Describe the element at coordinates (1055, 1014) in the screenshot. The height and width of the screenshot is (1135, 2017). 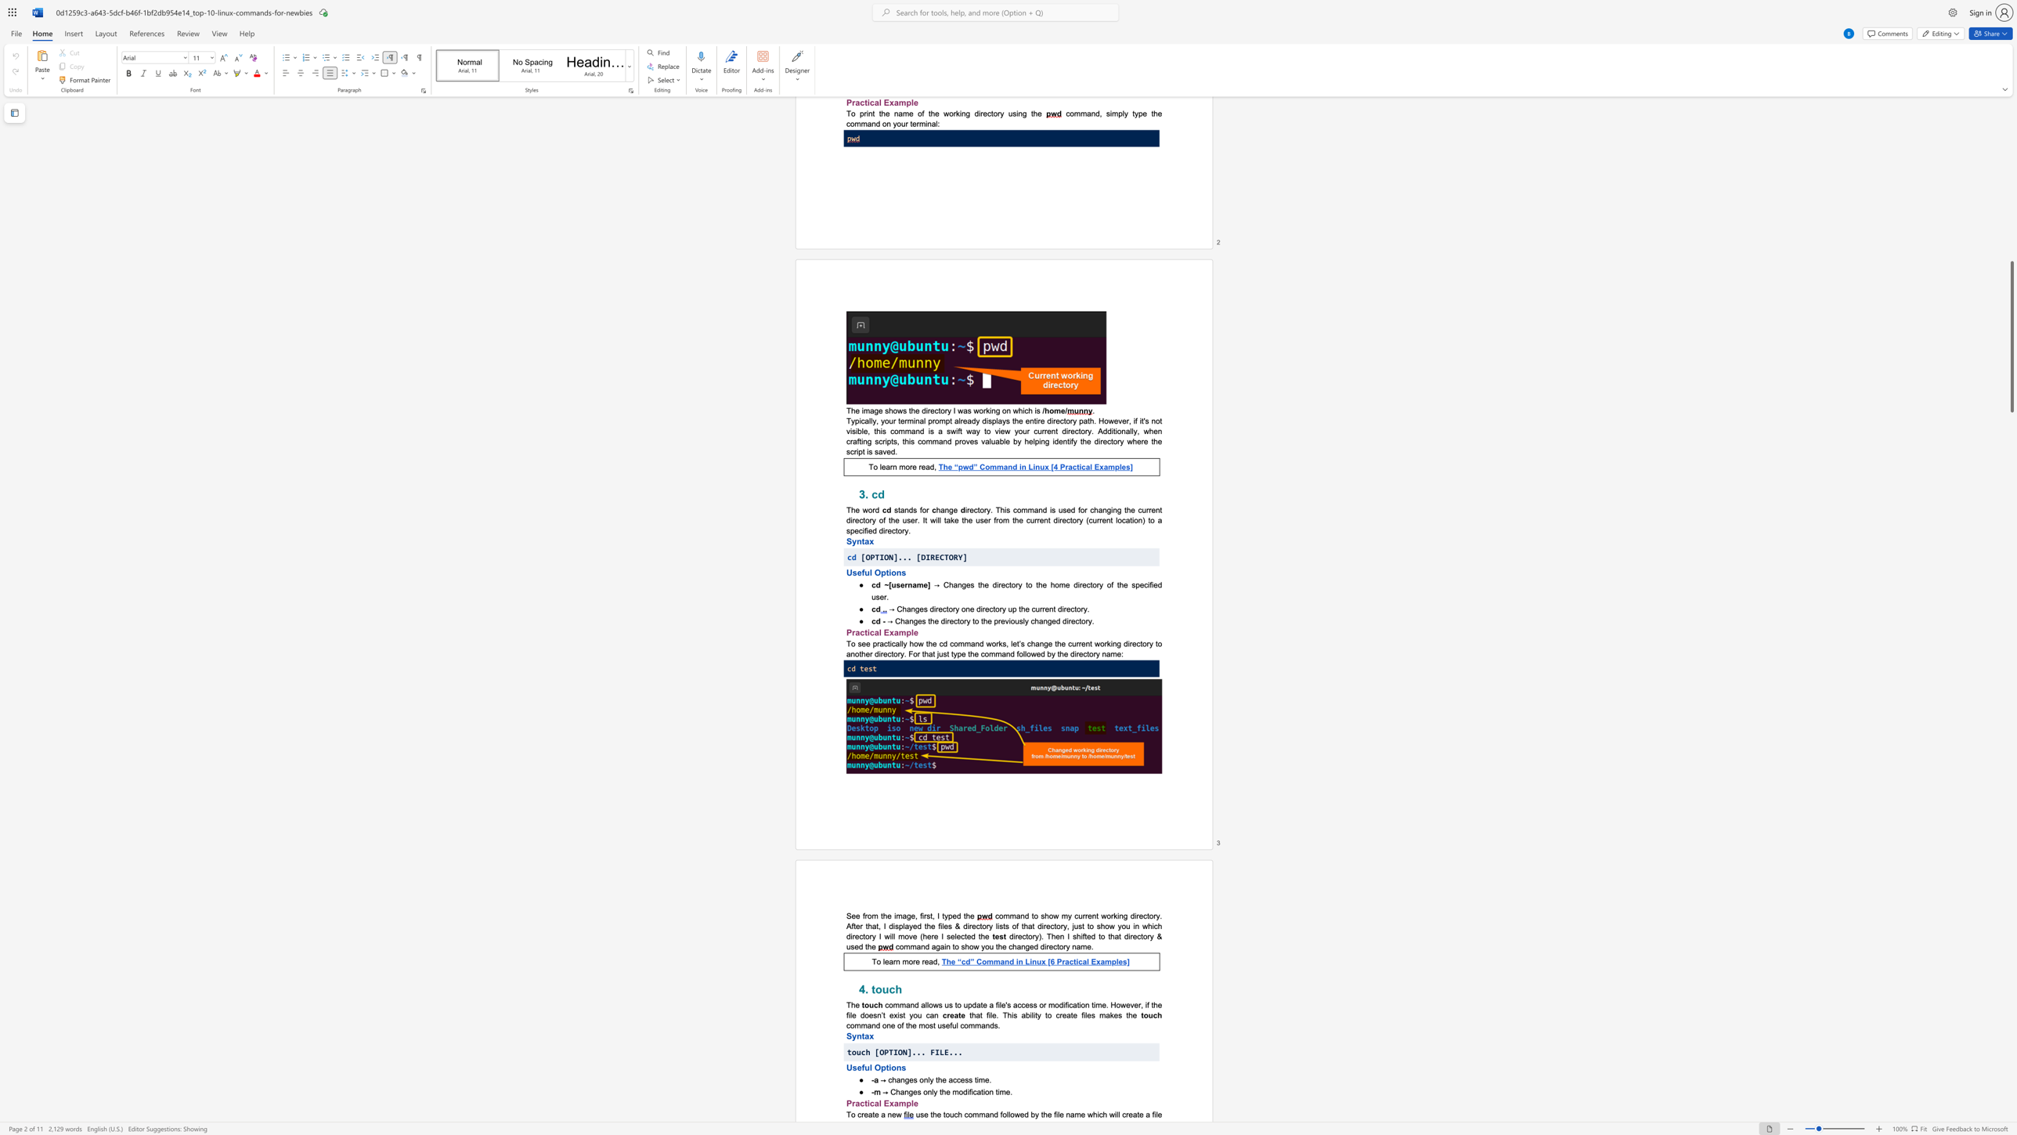
I see `the subset text "crea" within the text "that file. This ability to create files makes the"` at that location.